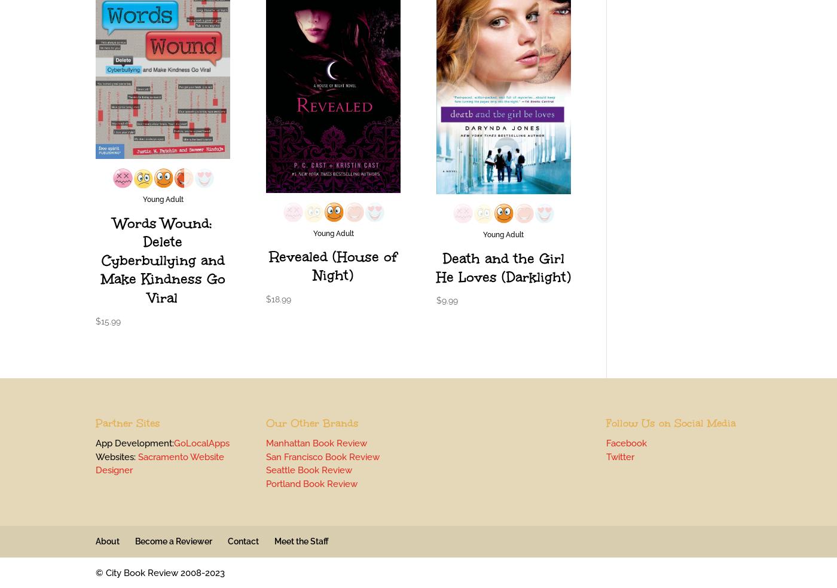  What do you see at coordinates (503, 267) in the screenshot?
I see `'Death and the Girl He Loves (Darklight)'` at bounding box center [503, 267].